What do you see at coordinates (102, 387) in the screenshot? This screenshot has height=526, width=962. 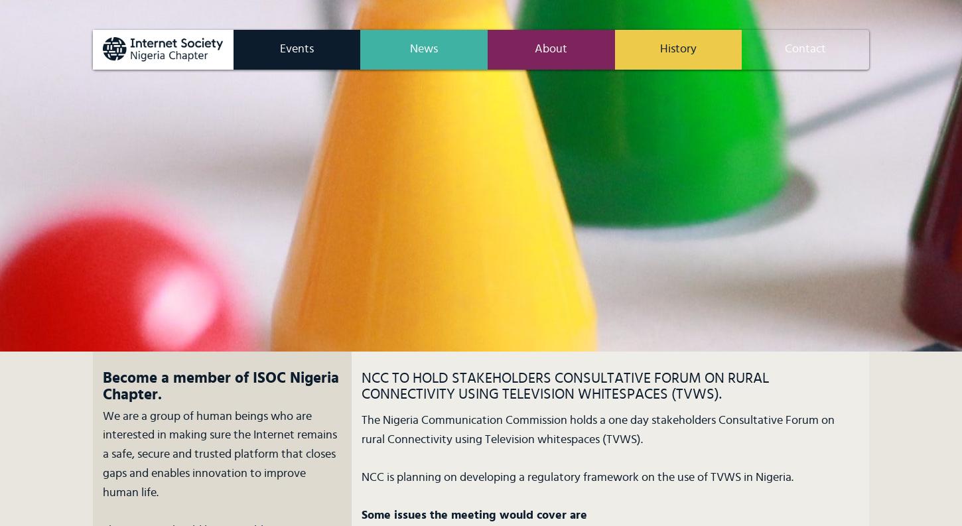 I see `'Become a member of ISOC Nigeria Chapter.'` at bounding box center [102, 387].